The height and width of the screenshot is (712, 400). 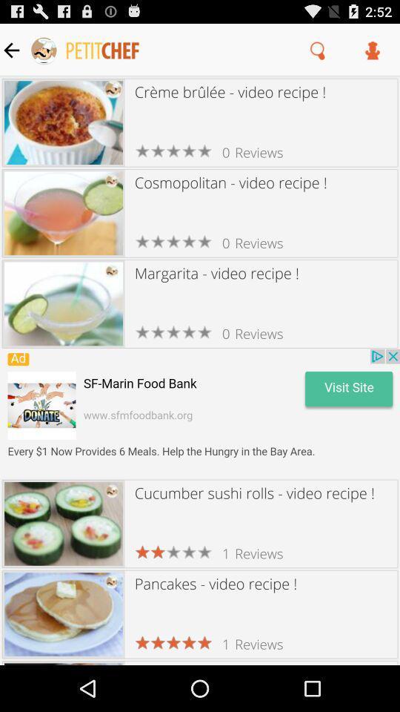 What do you see at coordinates (318, 50) in the screenshot?
I see `search icon` at bounding box center [318, 50].